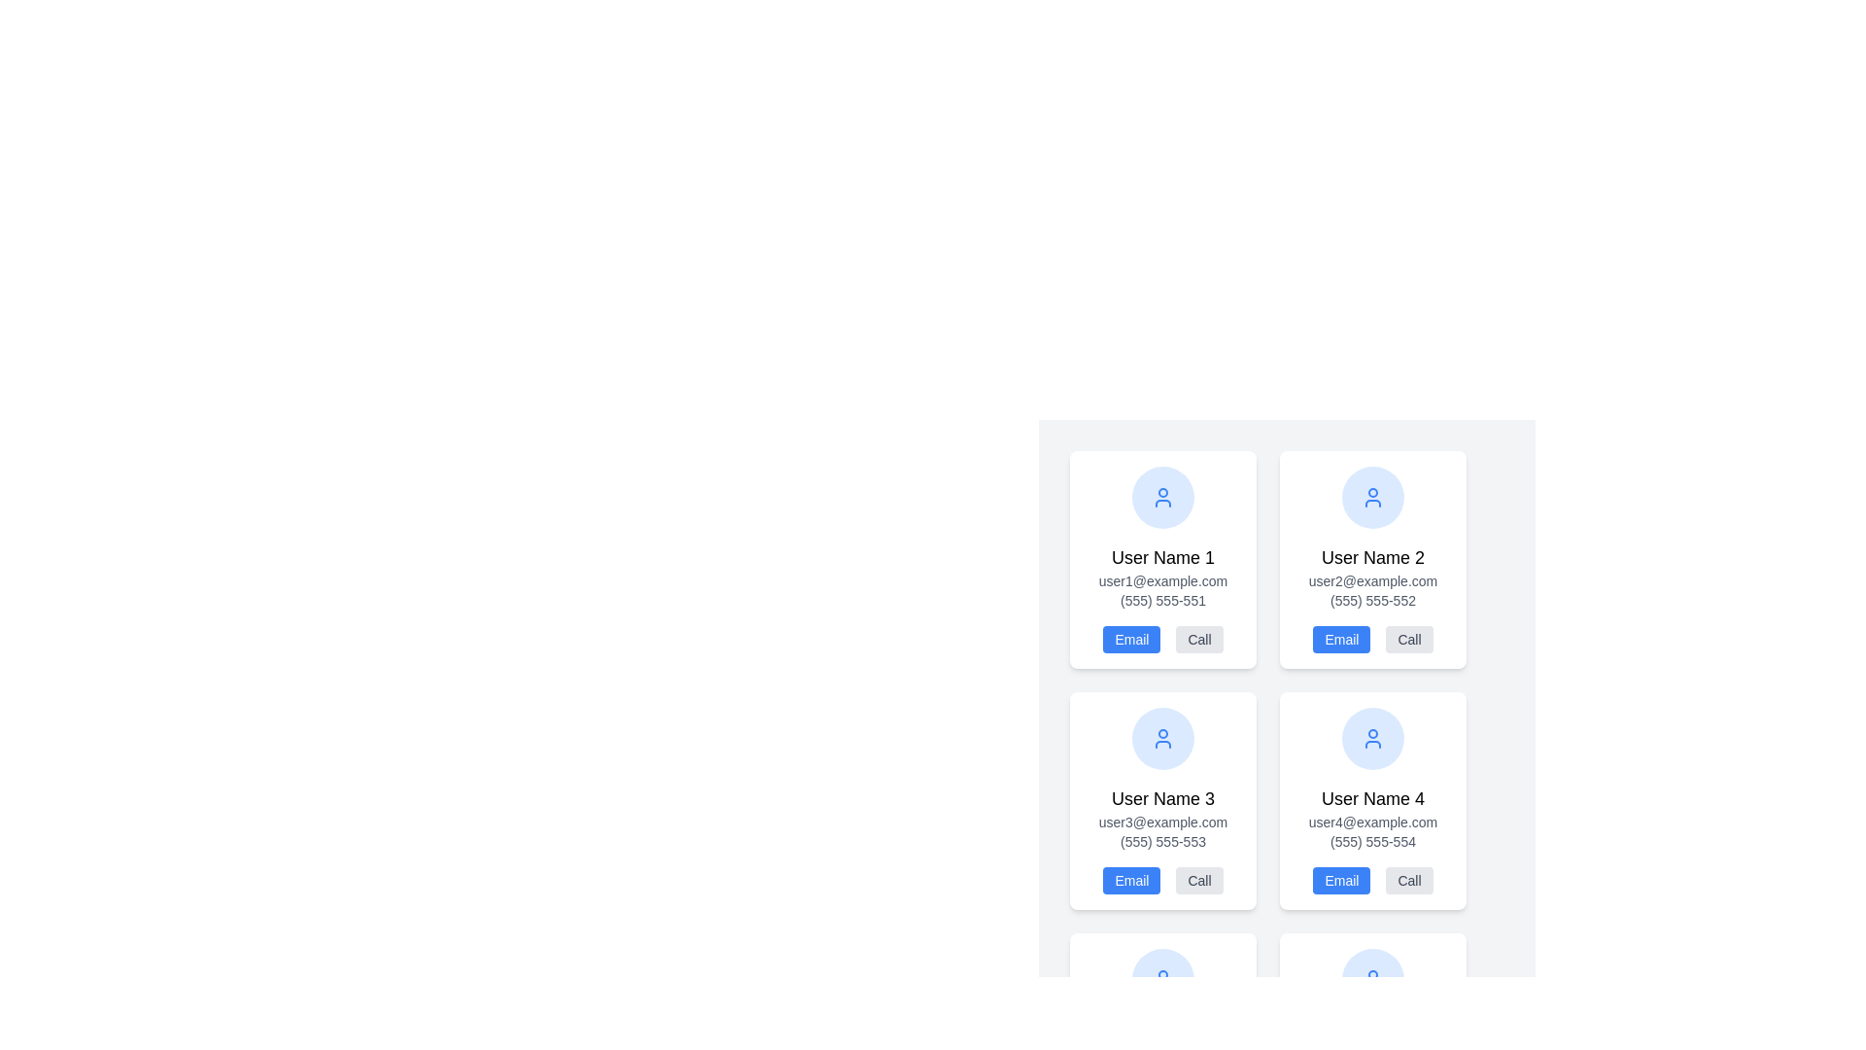 This screenshot has width=1866, height=1050. Describe the element at coordinates (1162, 881) in the screenshot. I see `the blue 'Email' button in the button group located at the bottom of the user card for 'User Name 3' to compose an email` at that location.